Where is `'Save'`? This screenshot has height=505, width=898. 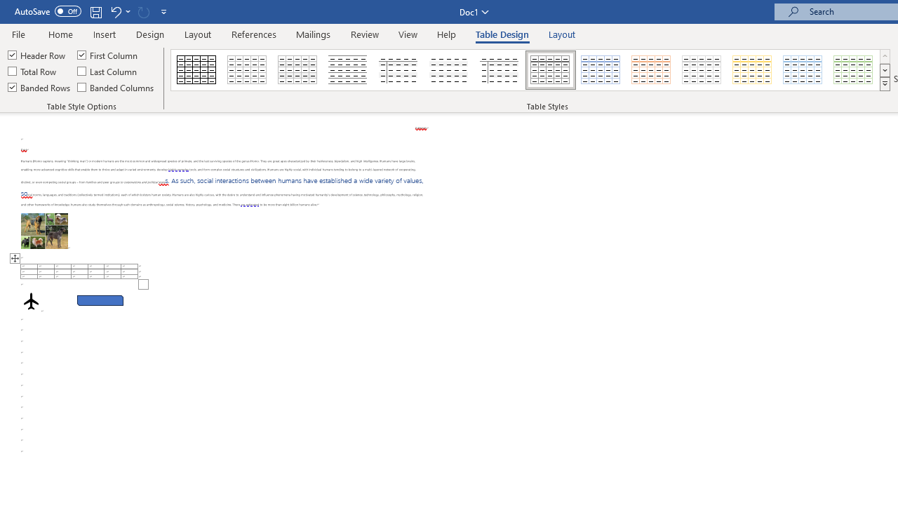
'Save' is located at coordinates (95, 11).